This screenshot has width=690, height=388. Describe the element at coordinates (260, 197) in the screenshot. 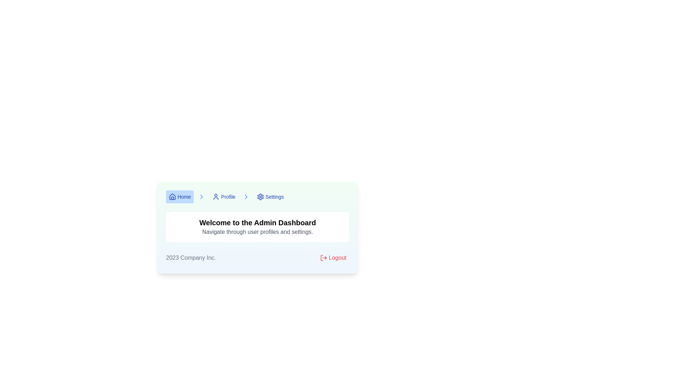

I see `the small gear icon representing settings, located within the 'Settings' button` at that location.